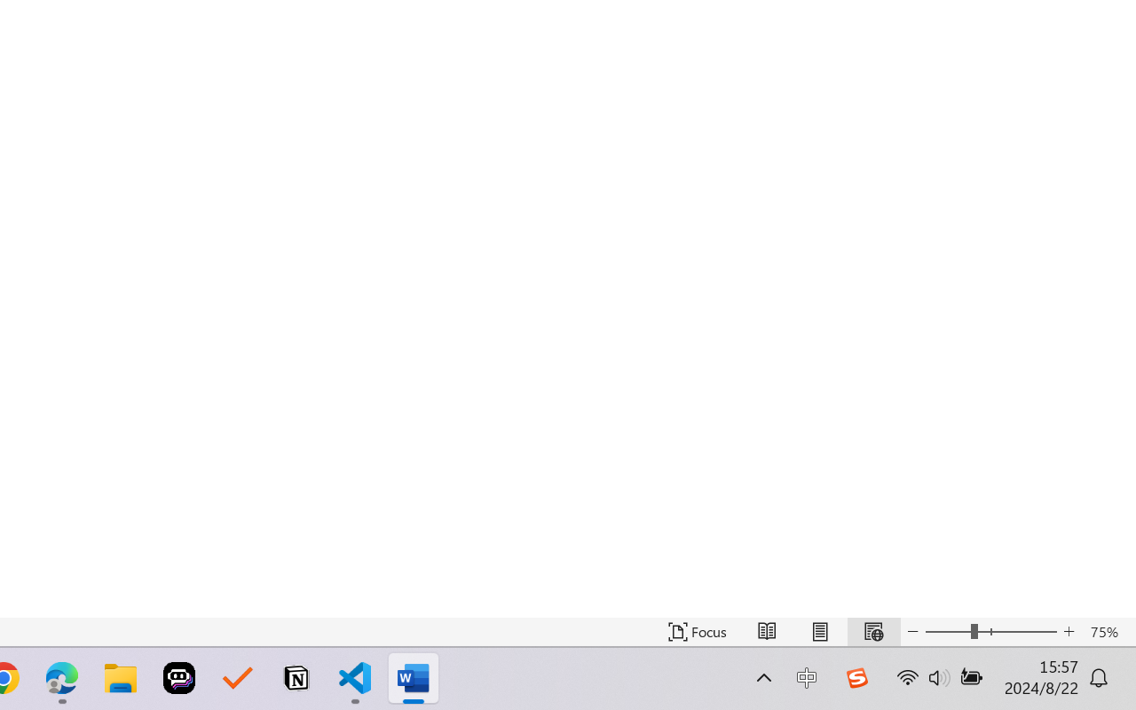  Describe the element at coordinates (873, 631) in the screenshot. I see `'Web Layout'` at that location.